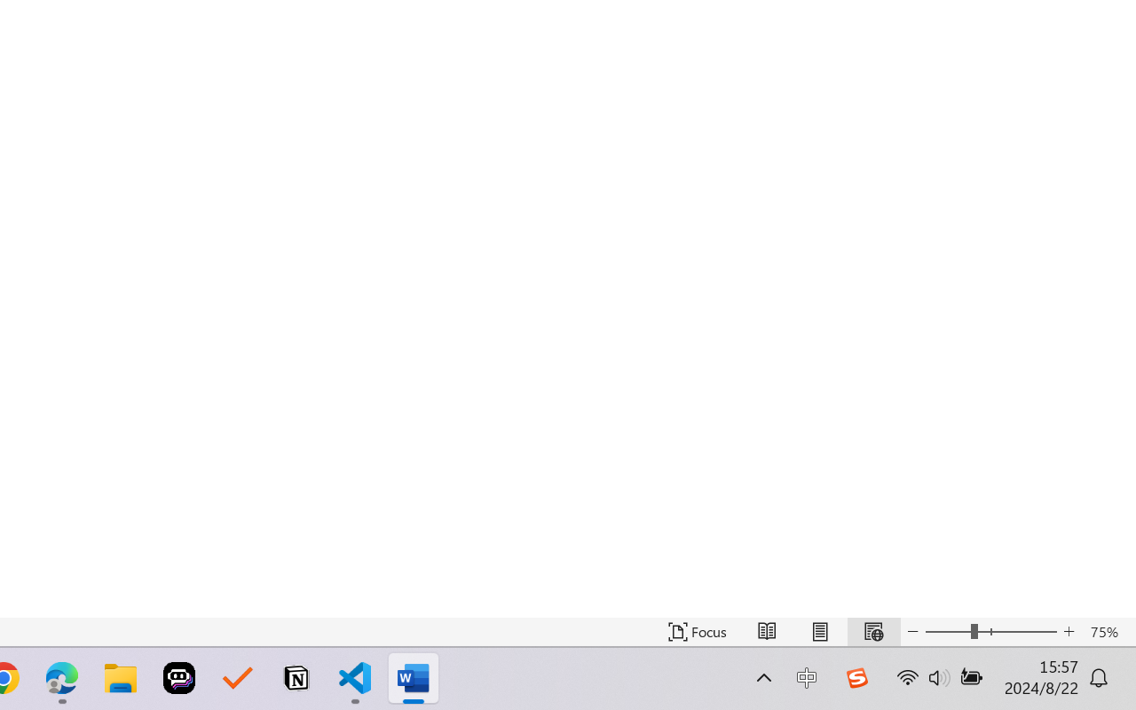  Describe the element at coordinates (873, 631) in the screenshot. I see `'Web Layout'` at that location.